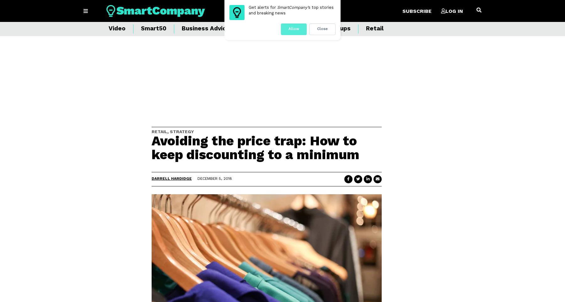  What do you see at coordinates (263, 7) in the screenshot?
I see `'Get alerts for'` at bounding box center [263, 7].